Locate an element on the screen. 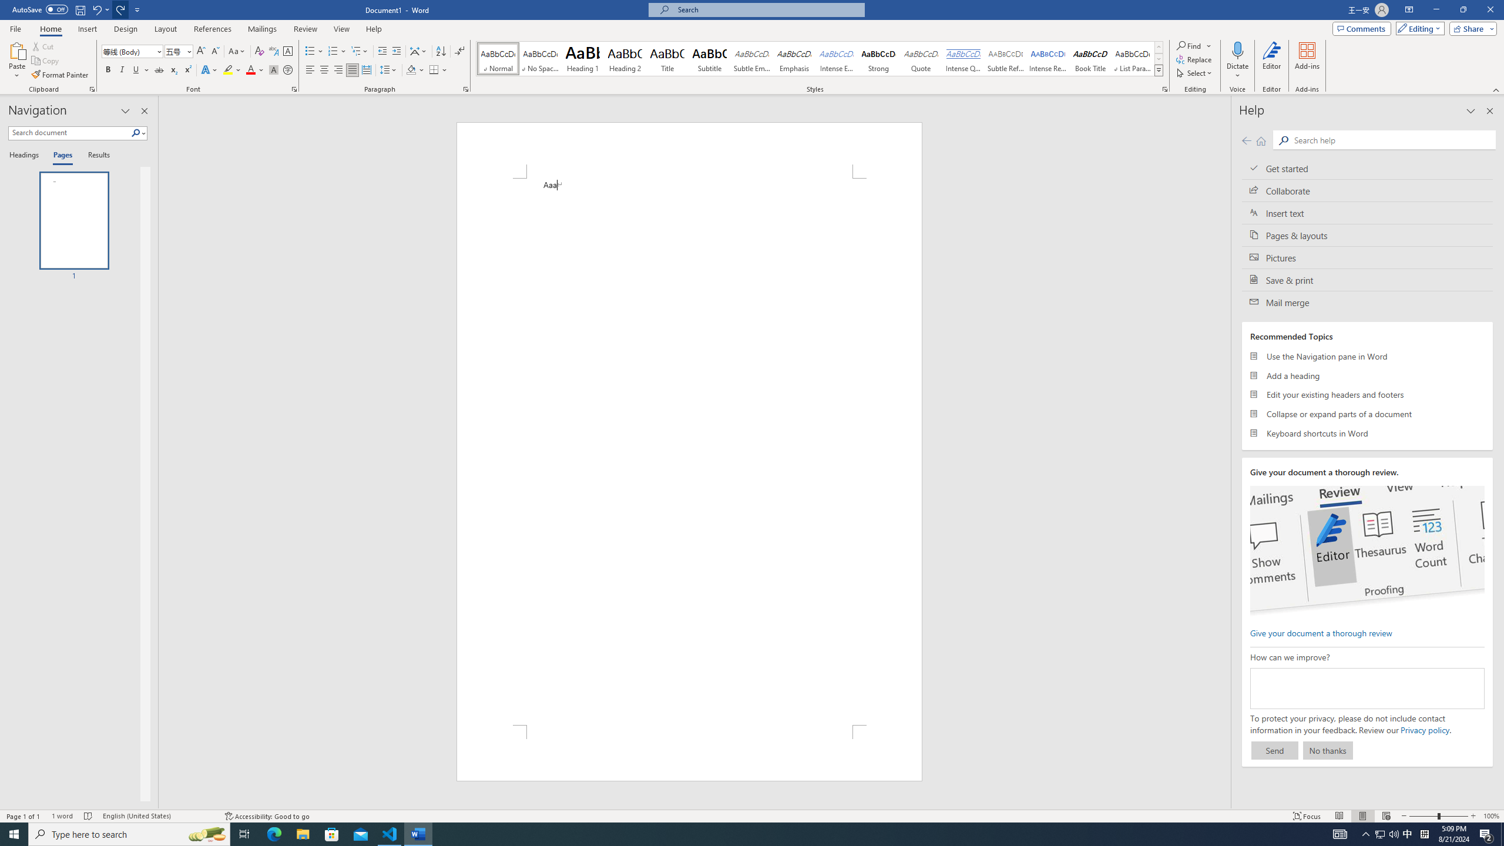 This screenshot has width=1504, height=846. 'Clear Formatting' is located at coordinates (258, 51).